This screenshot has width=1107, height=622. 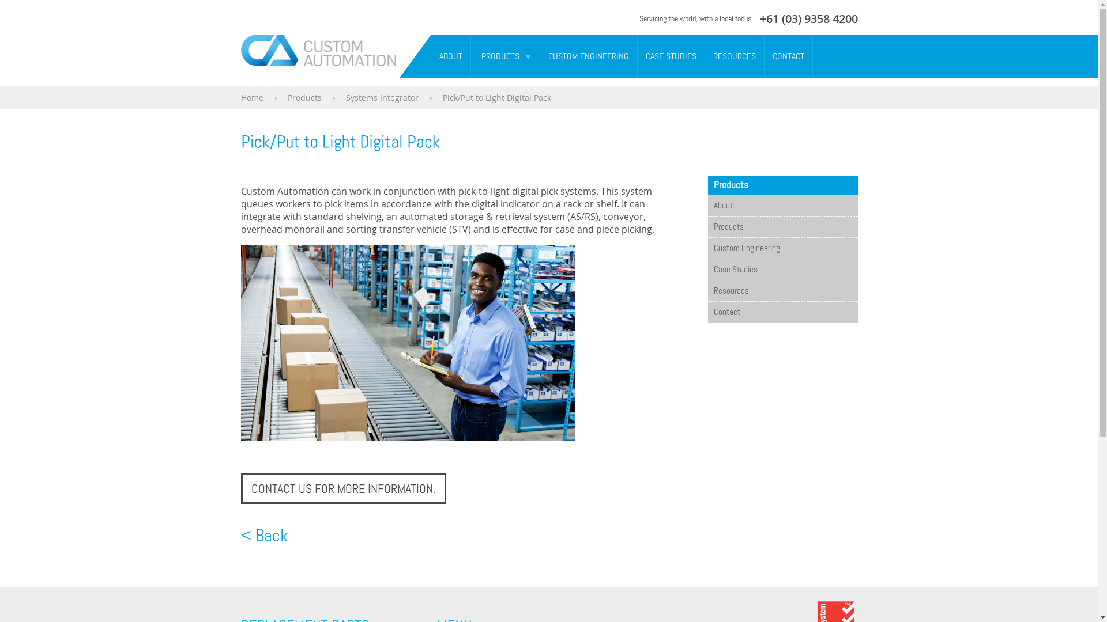 I want to click on 'PRODUCTS', so click(x=470, y=56).